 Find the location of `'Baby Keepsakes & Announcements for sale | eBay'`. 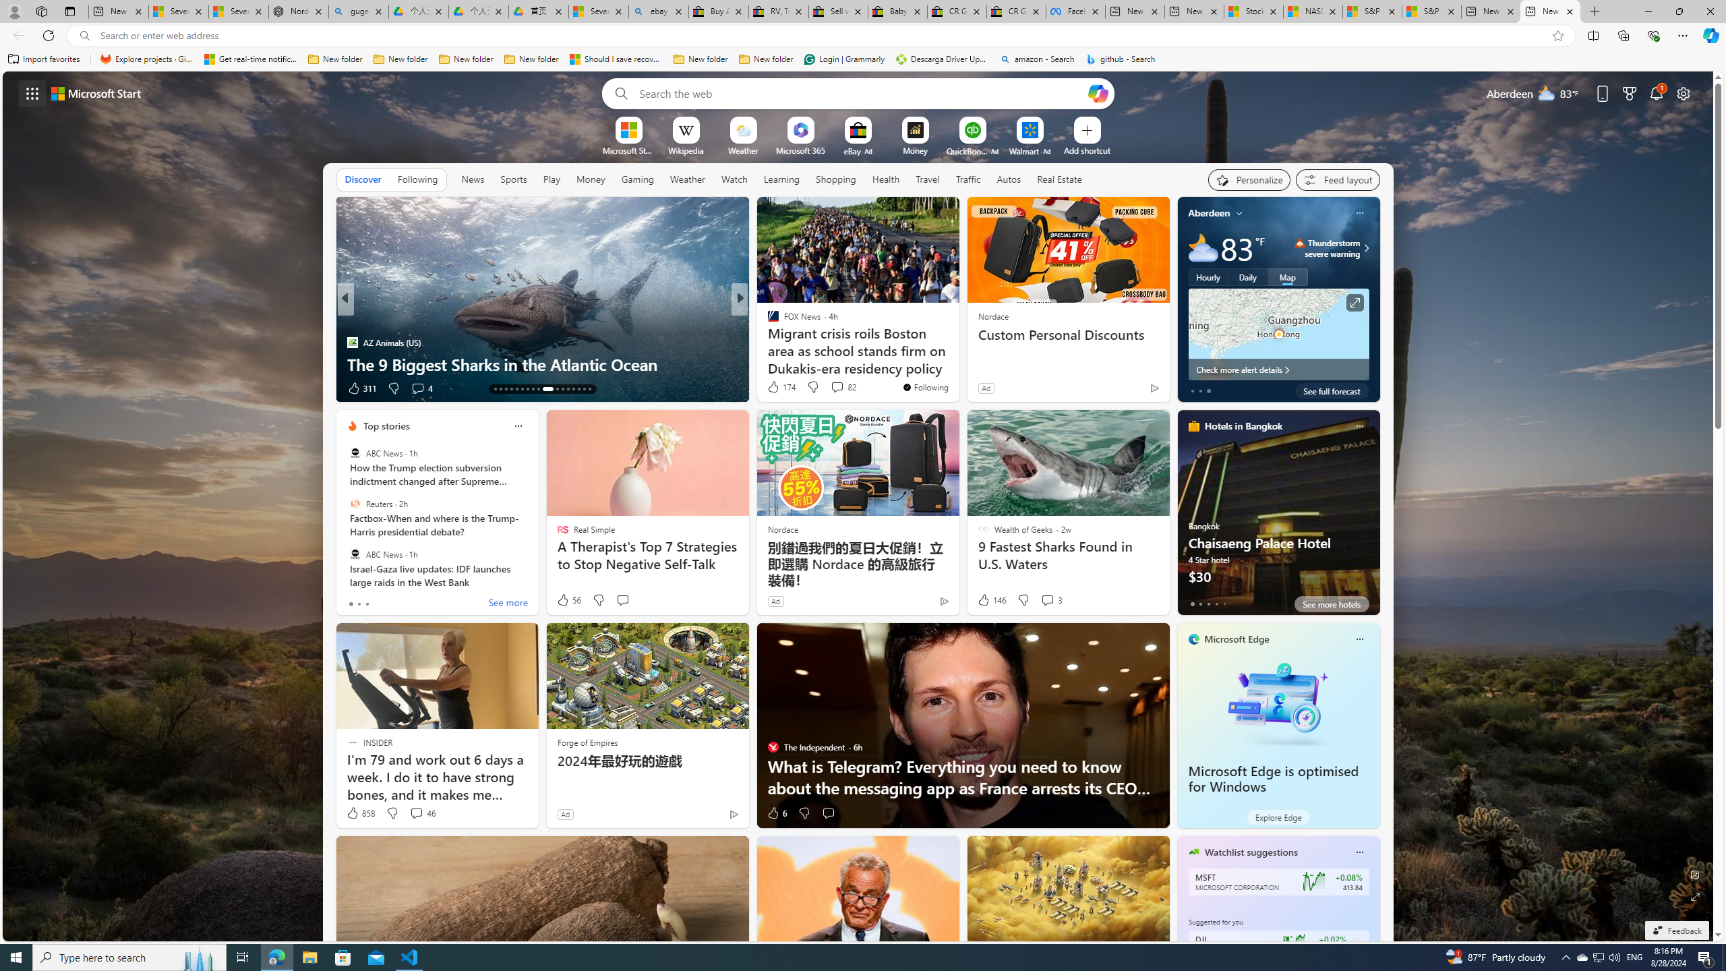

'Baby Keepsakes & Announcements for sale | eBay' is located at coordinates (898, 11).